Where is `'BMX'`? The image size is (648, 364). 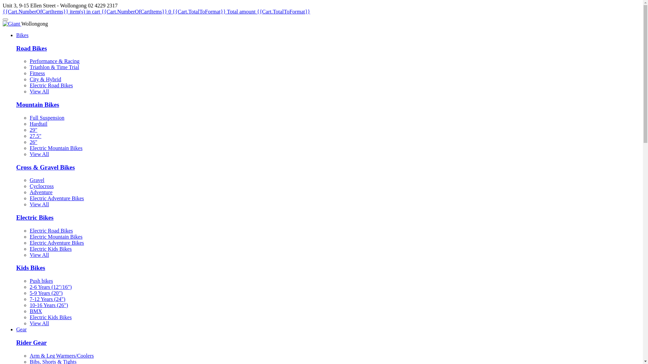
'BMX' is located at coordinates (35, 311).